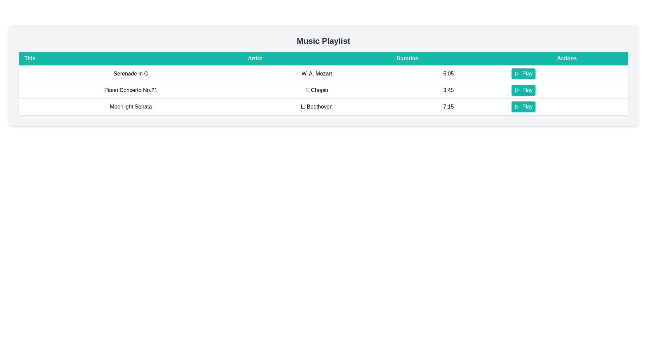  I want to click on the third 'Play' button located in the last row under the 'Actions' column of the playlist interface, so click(523, 106).